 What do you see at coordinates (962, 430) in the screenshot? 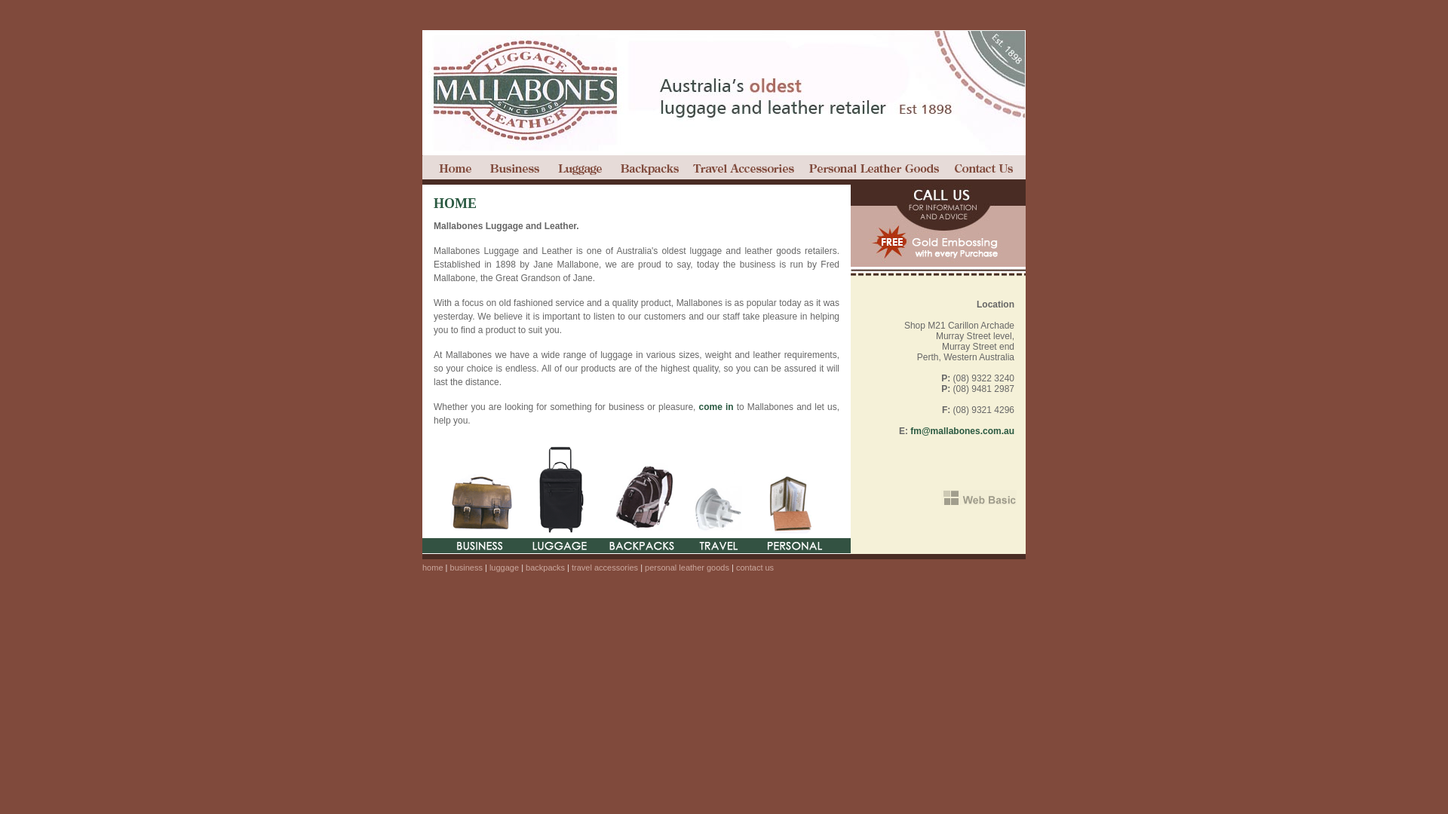
I see `'fm@mallabones.com.au'` at bounding box center [962, 430].